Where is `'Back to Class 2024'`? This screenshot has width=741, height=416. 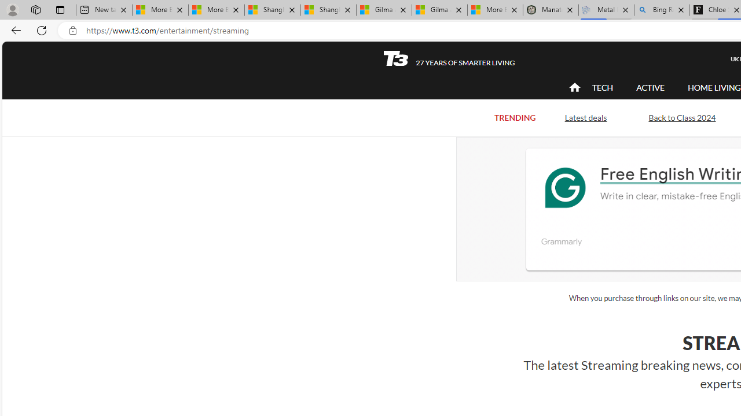
'Back to Class 2024' is located at coordinates (682, 118).